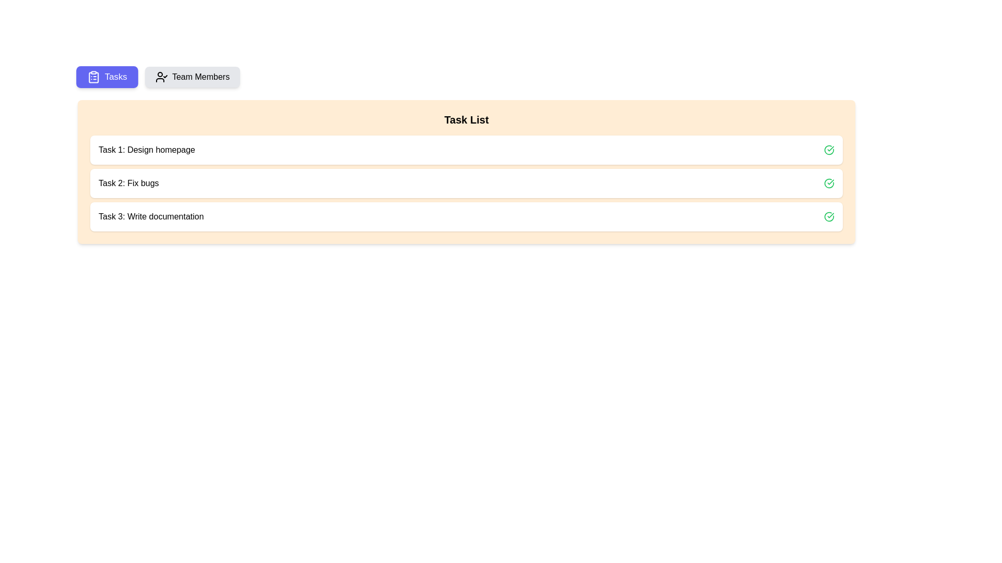  I want to click on the 'Team Members' button with rounded corners and a light gray background, so click(193, 76).